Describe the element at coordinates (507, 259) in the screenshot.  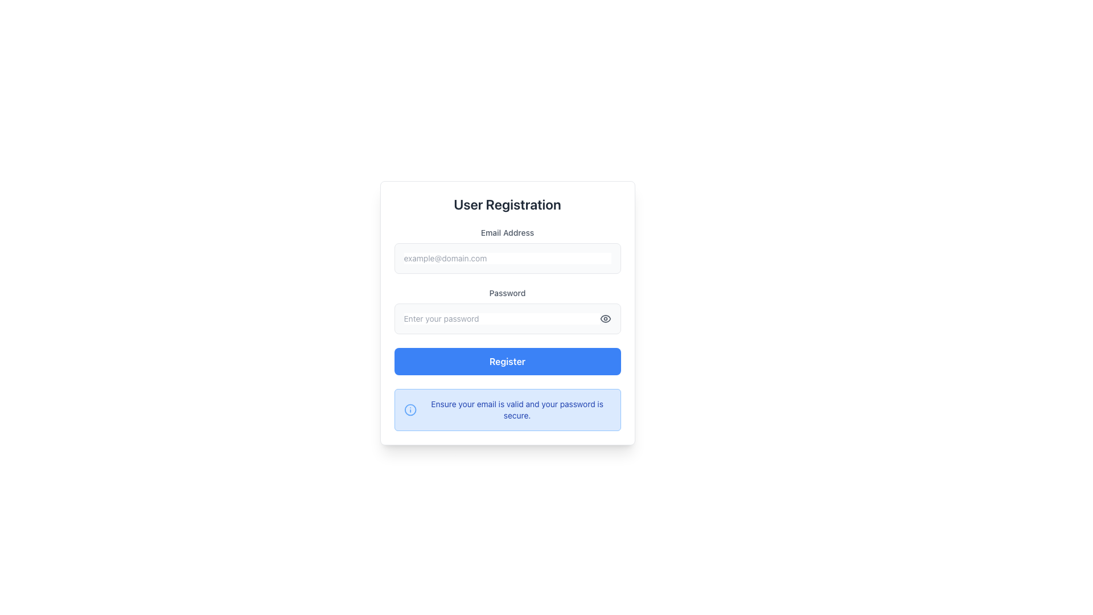
I see `the email input field by tabbing into it` at that location.